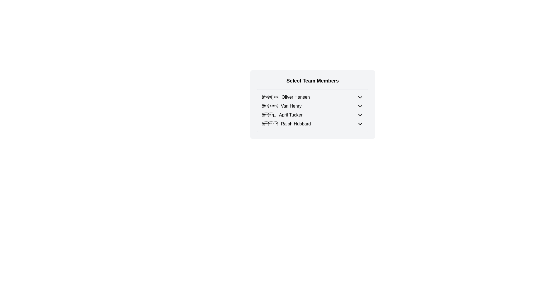 This screenshot has height=301, width=535. What do you see at coordinates (295, 97) in the screenshot?
I see `the text label 'Oliver Hansen' located to the right of the heart icon in the first row of the 'Select Team Members' section` at bounding box center [295, 97].